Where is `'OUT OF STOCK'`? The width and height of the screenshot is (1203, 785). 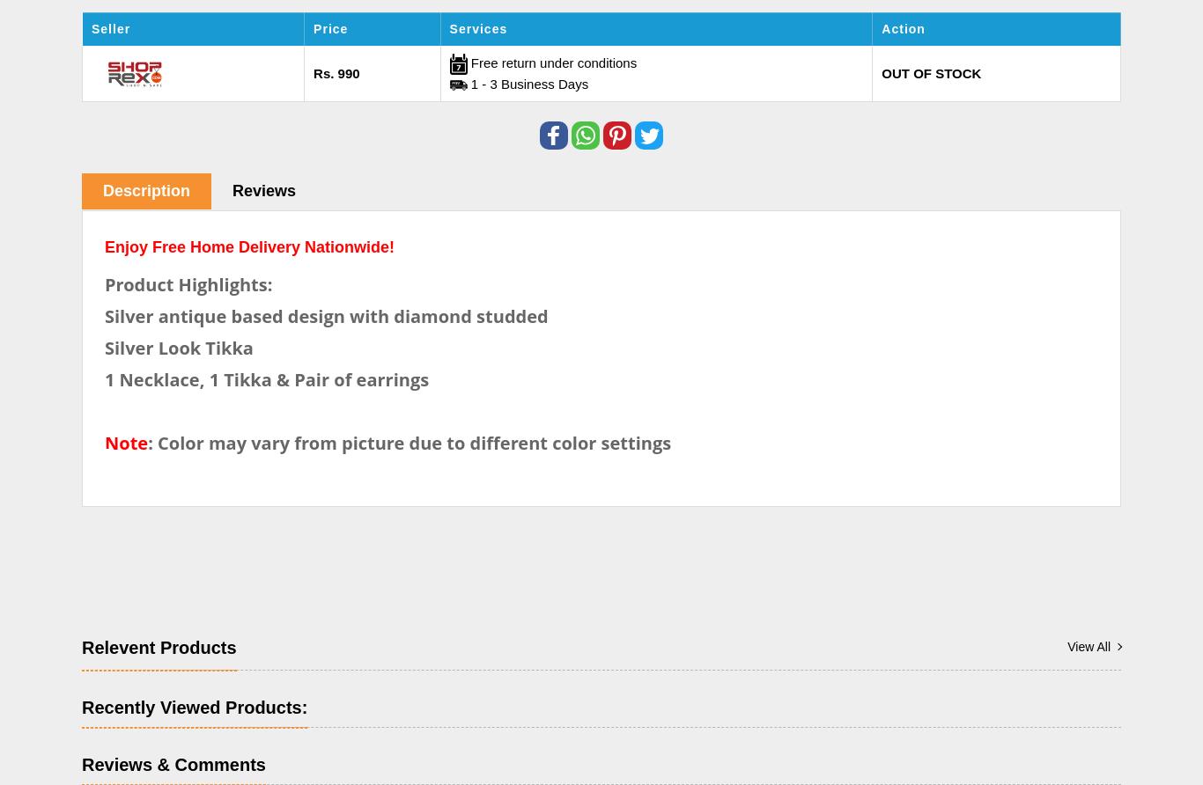 'OUT OF STOCK' is located at coordinates (930, 72).